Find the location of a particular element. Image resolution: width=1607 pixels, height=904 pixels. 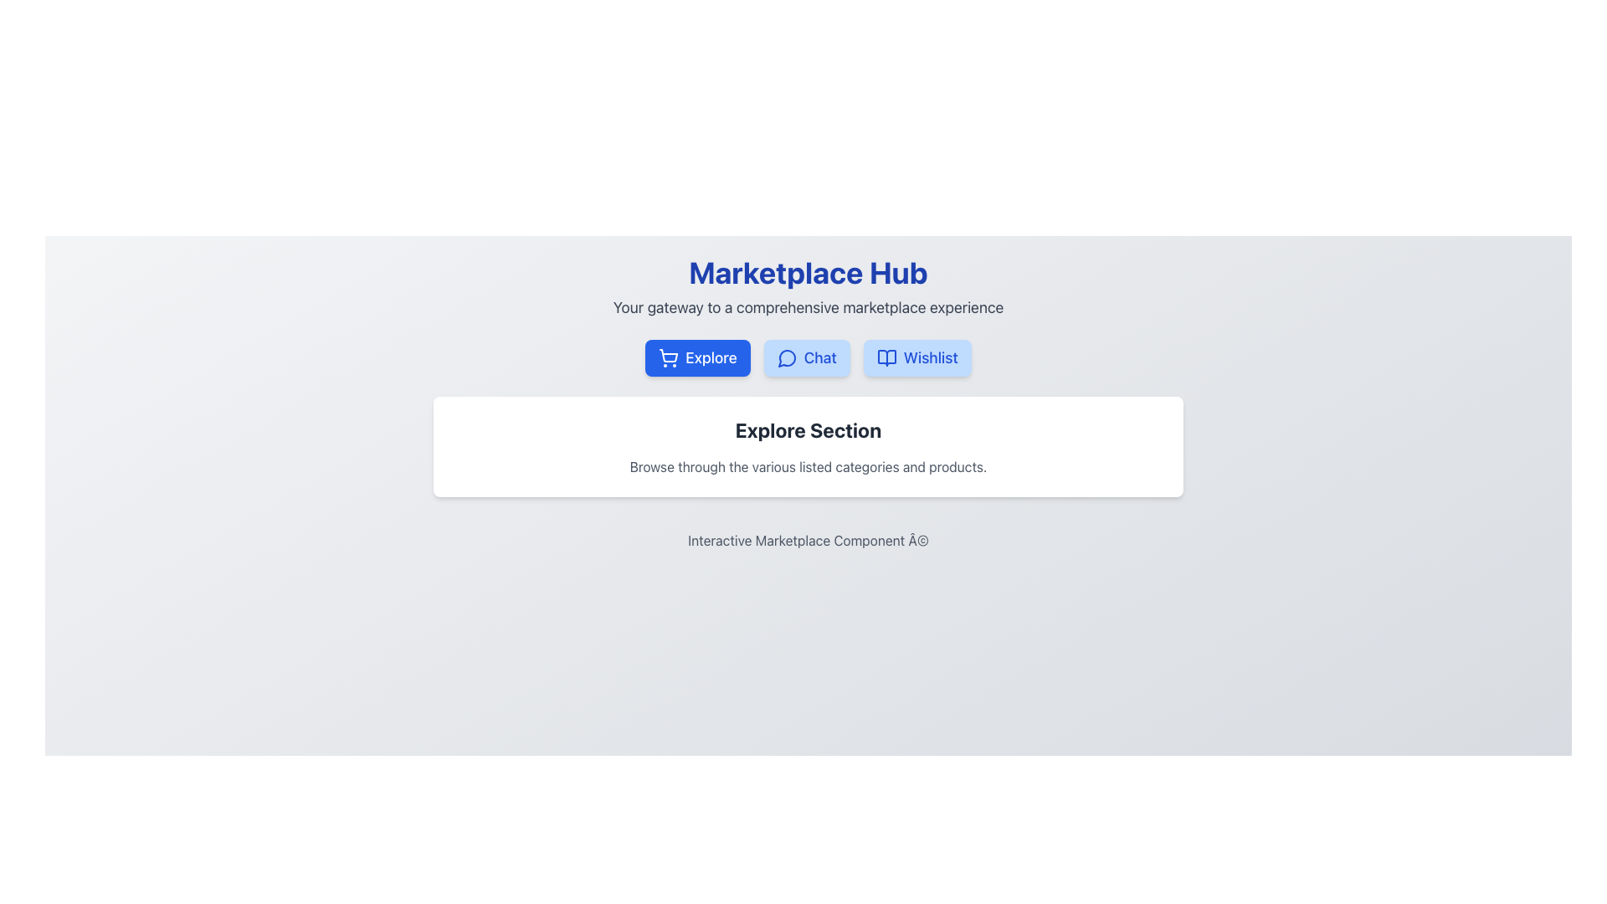

the 'Explore' button to change its shadow effect is located at coordinates (698, 357).